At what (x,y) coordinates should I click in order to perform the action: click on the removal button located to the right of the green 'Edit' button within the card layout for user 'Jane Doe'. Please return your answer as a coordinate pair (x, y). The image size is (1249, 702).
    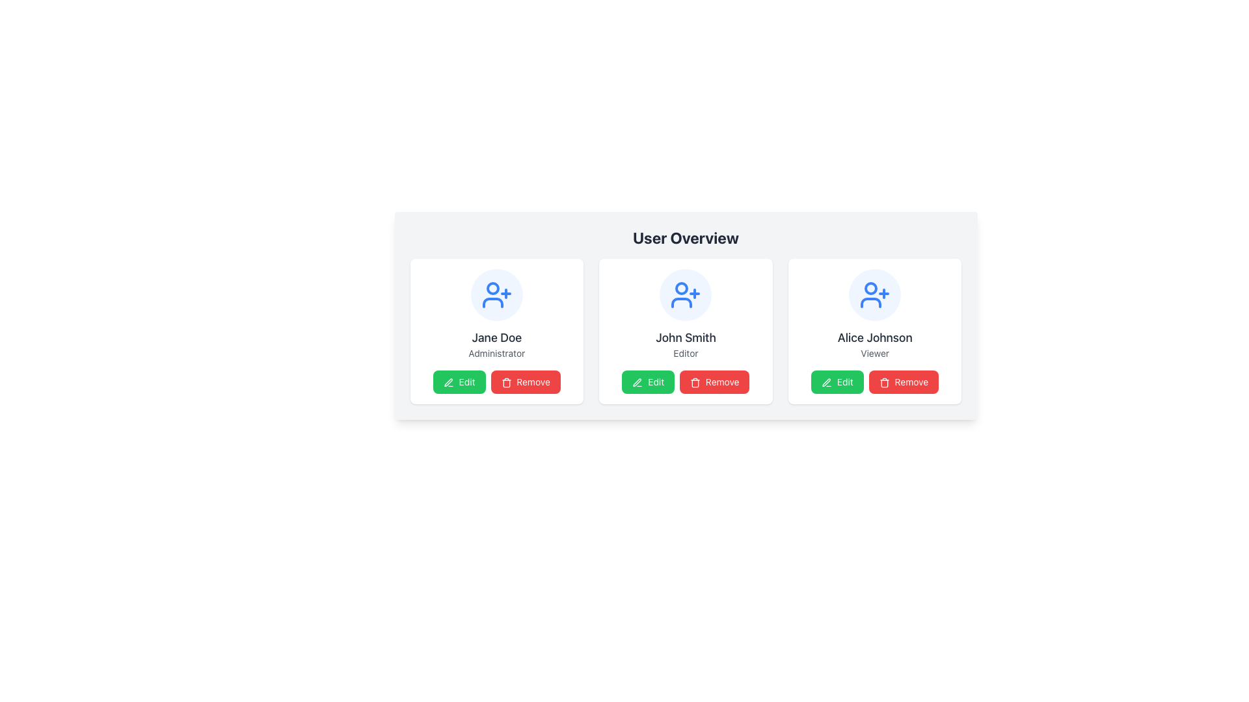
    Looking at the image, I should click on (525, 381).